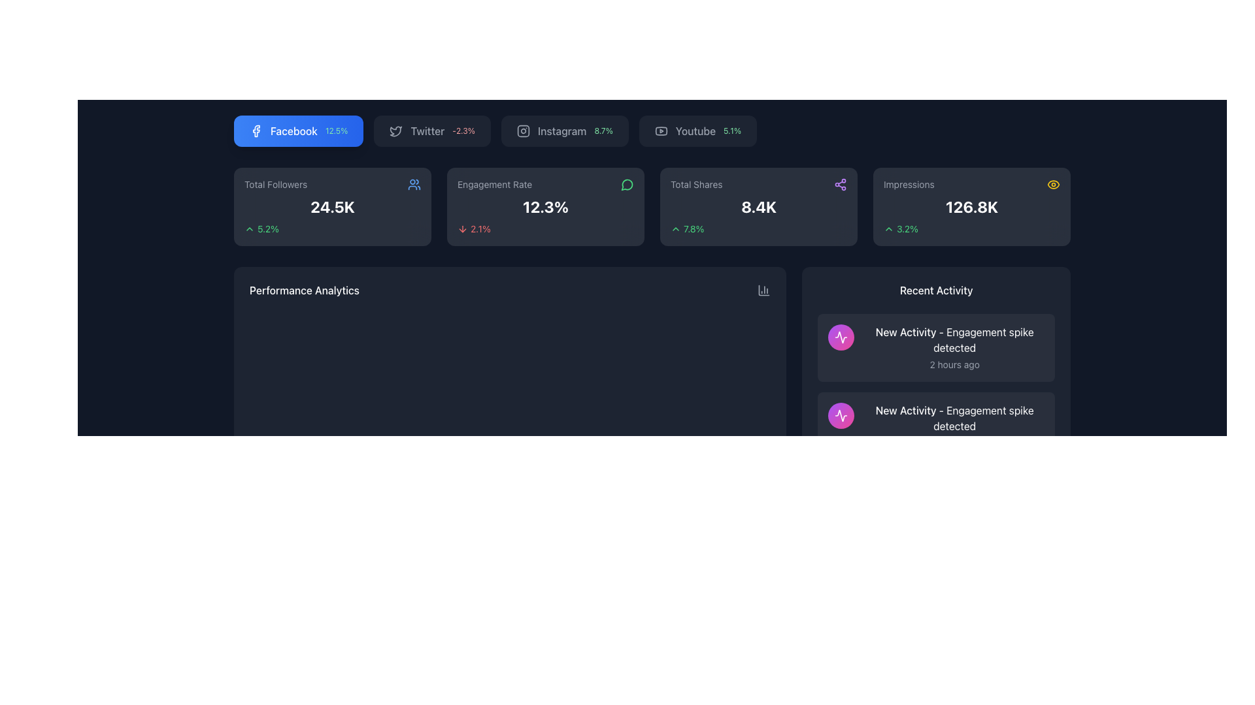 This screenshot has height=705, width=1255. What do you see at coordinates (267, 228) in the screenshot?
I see `the text label that communicates a positive percentage change, located to the right of a small green upward-facing arrow icon in the lower left corner of the 'Total Followers' card` at bounding box center [267, 228].